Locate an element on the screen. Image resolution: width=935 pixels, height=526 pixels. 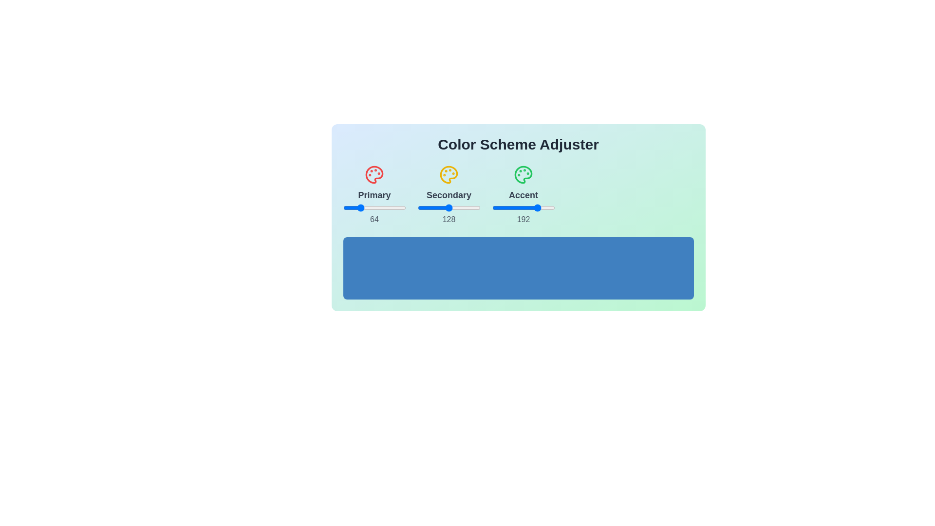
the 0 slider to 223 is located at coordinates (429, 207).